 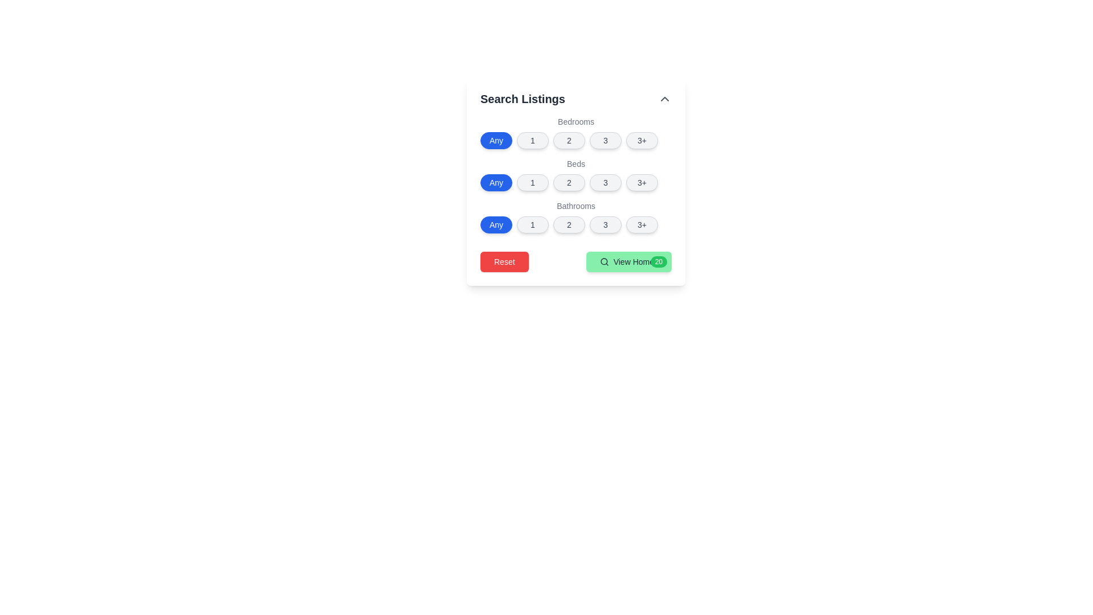 I want to click on the button labeled '2' in the 'Bathrooms' filter group, so click(x=569, y=224).